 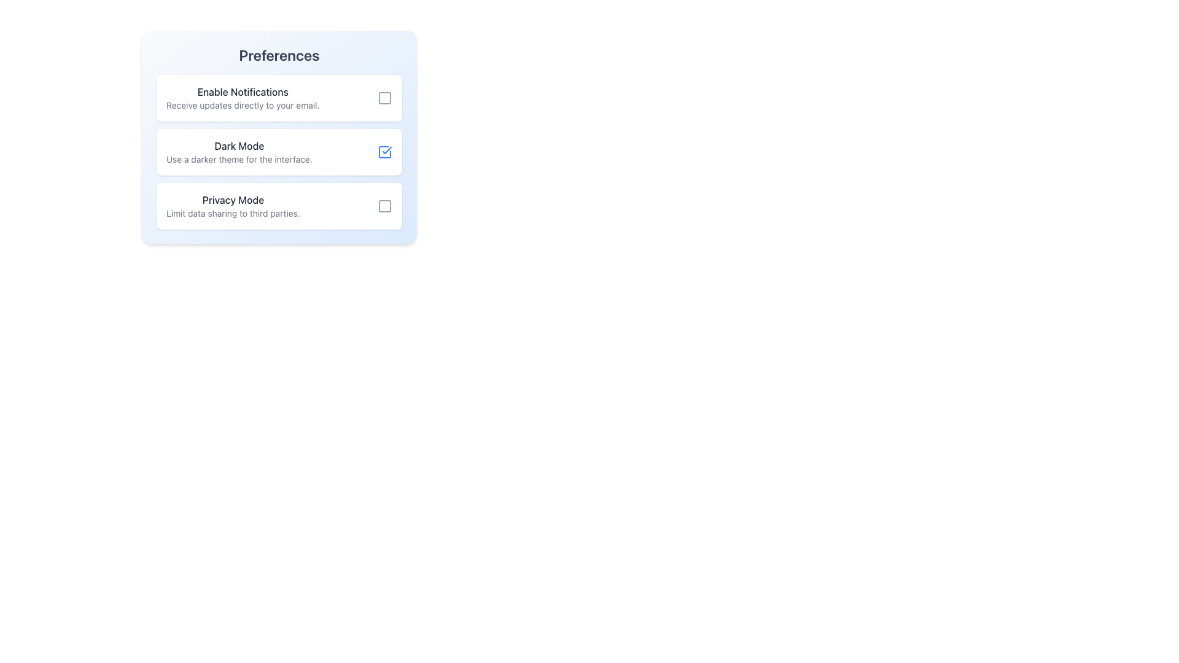 I want to click on text 'Dark Mode' and its description 'Use a darker theme for the interface.' which is located in the second row of three cards under the 'Preferences' heading, so click(x=239, y=151).